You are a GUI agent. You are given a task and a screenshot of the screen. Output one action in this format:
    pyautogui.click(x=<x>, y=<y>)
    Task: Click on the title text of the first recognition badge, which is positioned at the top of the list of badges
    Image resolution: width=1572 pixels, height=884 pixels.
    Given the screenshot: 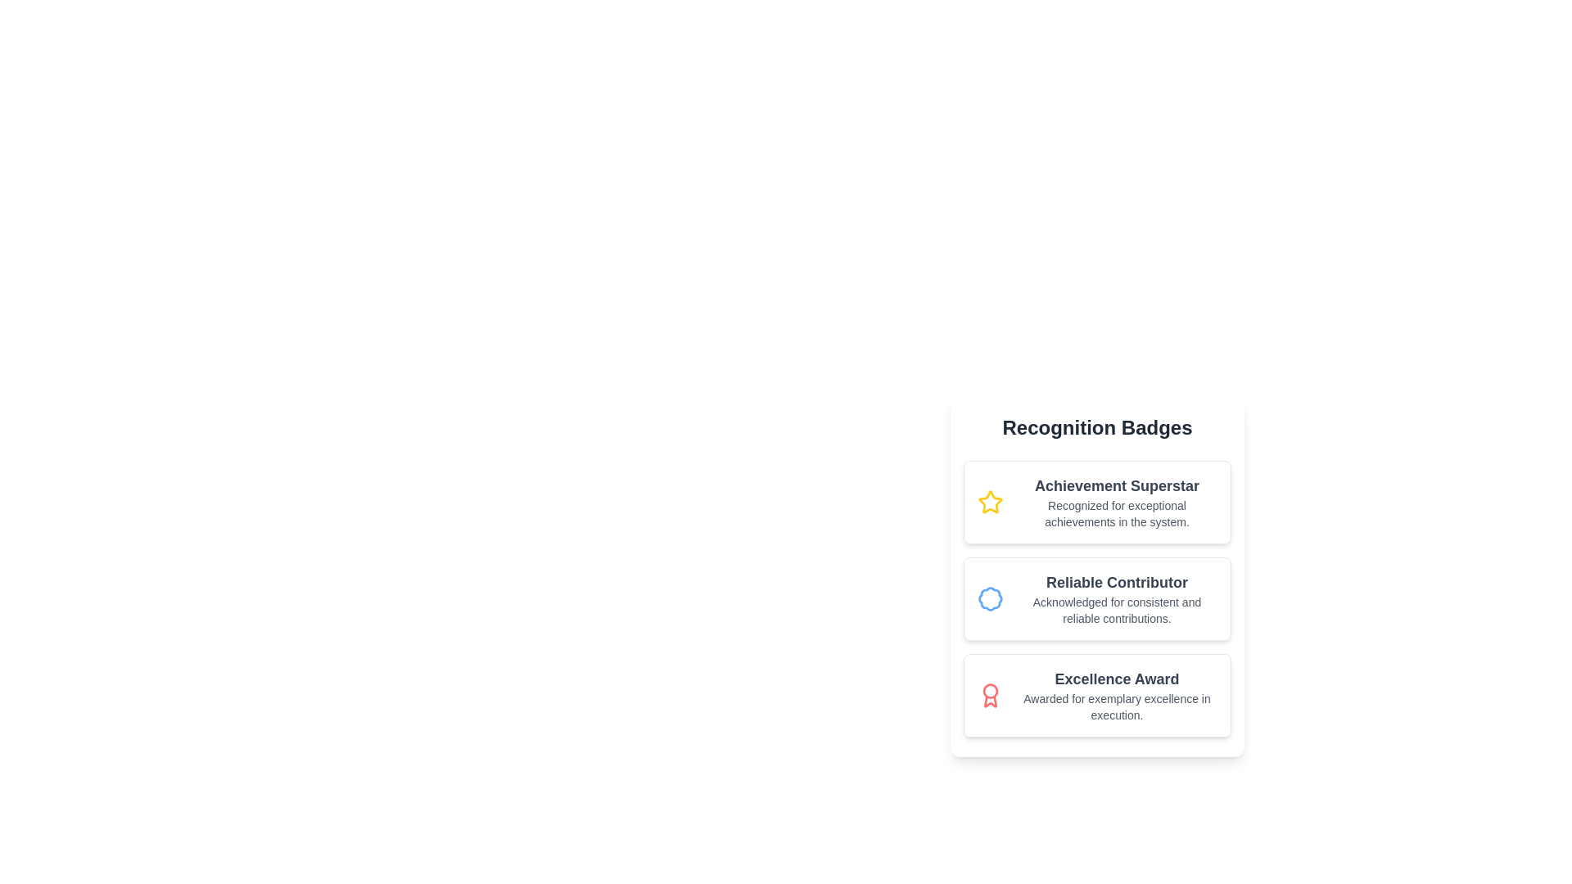 What is the action you would take?
    pyautogui.click(x=1116, y=485)
    